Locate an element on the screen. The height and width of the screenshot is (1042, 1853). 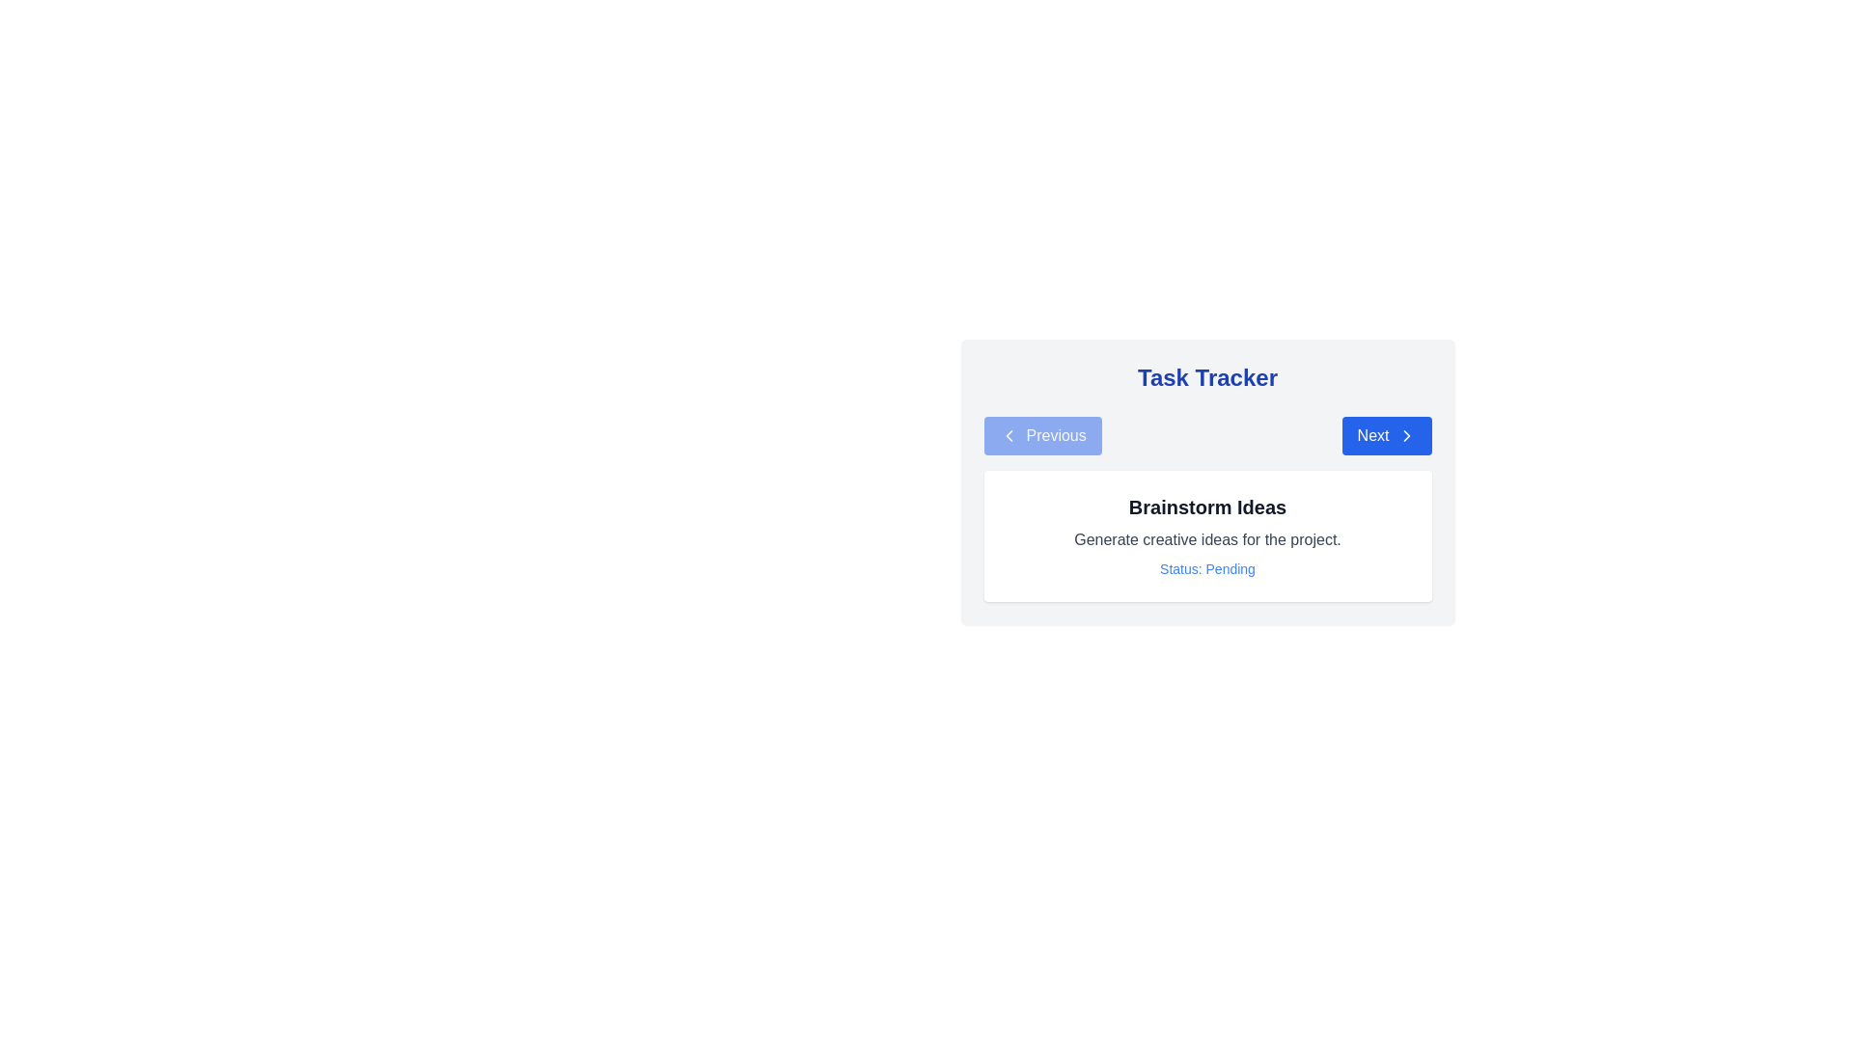
the rightward-pointing arrow icon (chevron) which is part of the 'Next' button located in the top-right section of the 'Task Tracker' card is located at coordinates (1406, 435).